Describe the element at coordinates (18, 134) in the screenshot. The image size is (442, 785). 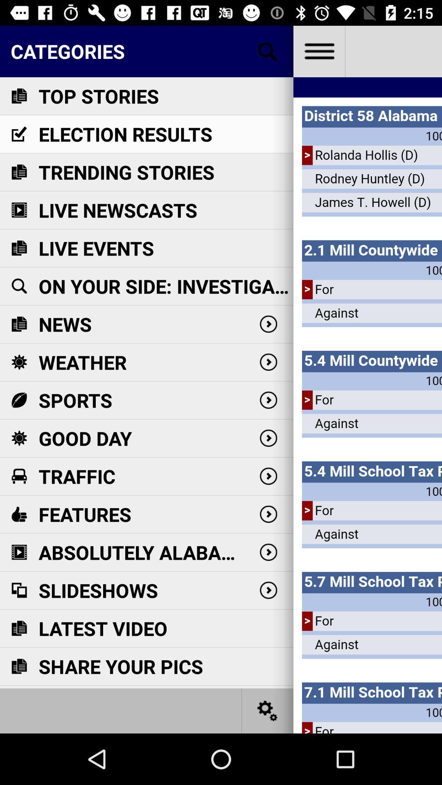
I see `the icon which is before election results` at that location.